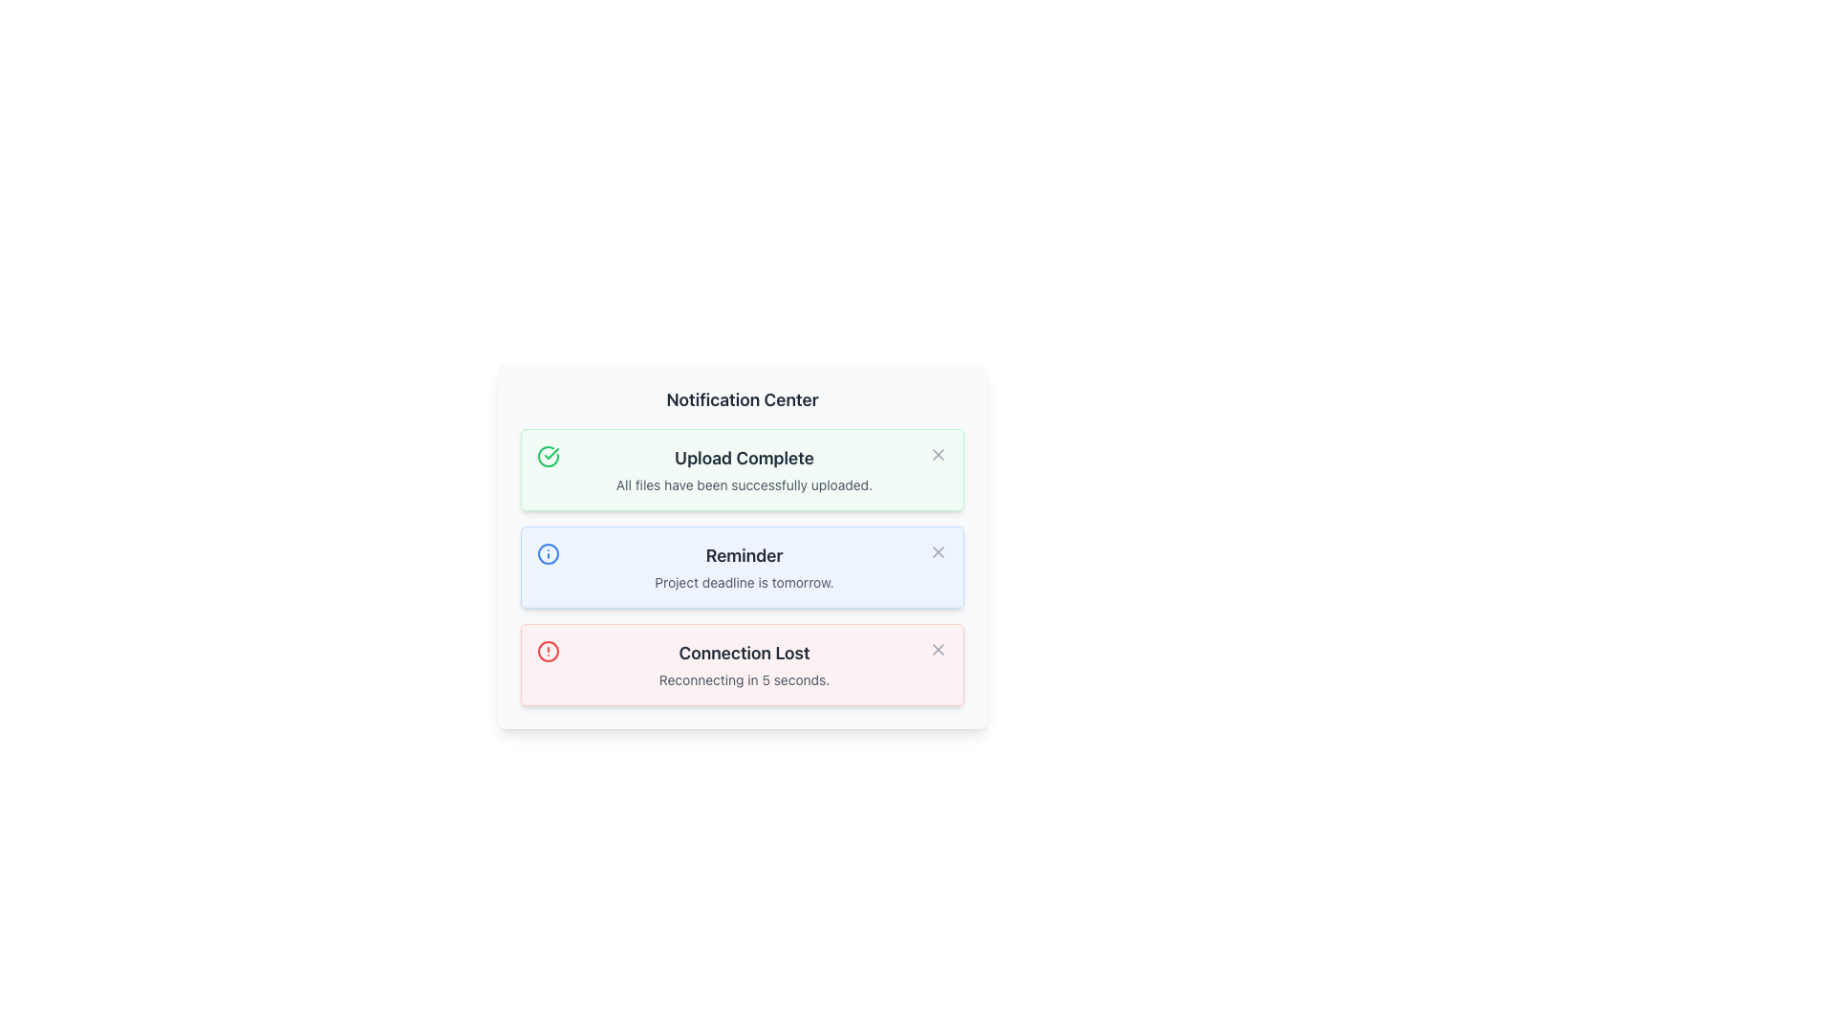 This screenshot has height=1032, width=1835. Describe the element at coordinates (548, 651) in the screenshot. I see `the alert icon at the beginning of the 'Connection Lost' notification bar, which indicates the importance of the message` at that location.